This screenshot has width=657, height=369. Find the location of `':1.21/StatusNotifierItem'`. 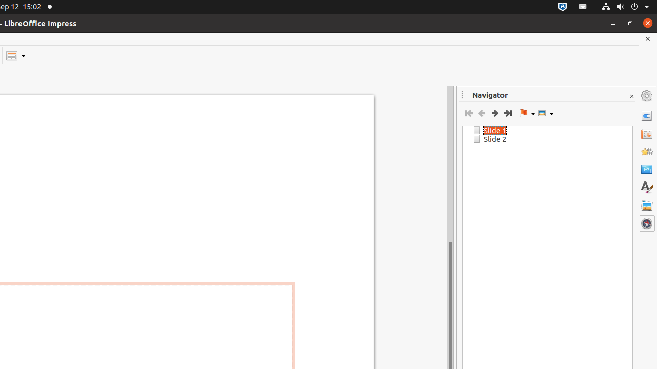

':1.21/StatusNotifierItem' is located at coordinates (583, 7).